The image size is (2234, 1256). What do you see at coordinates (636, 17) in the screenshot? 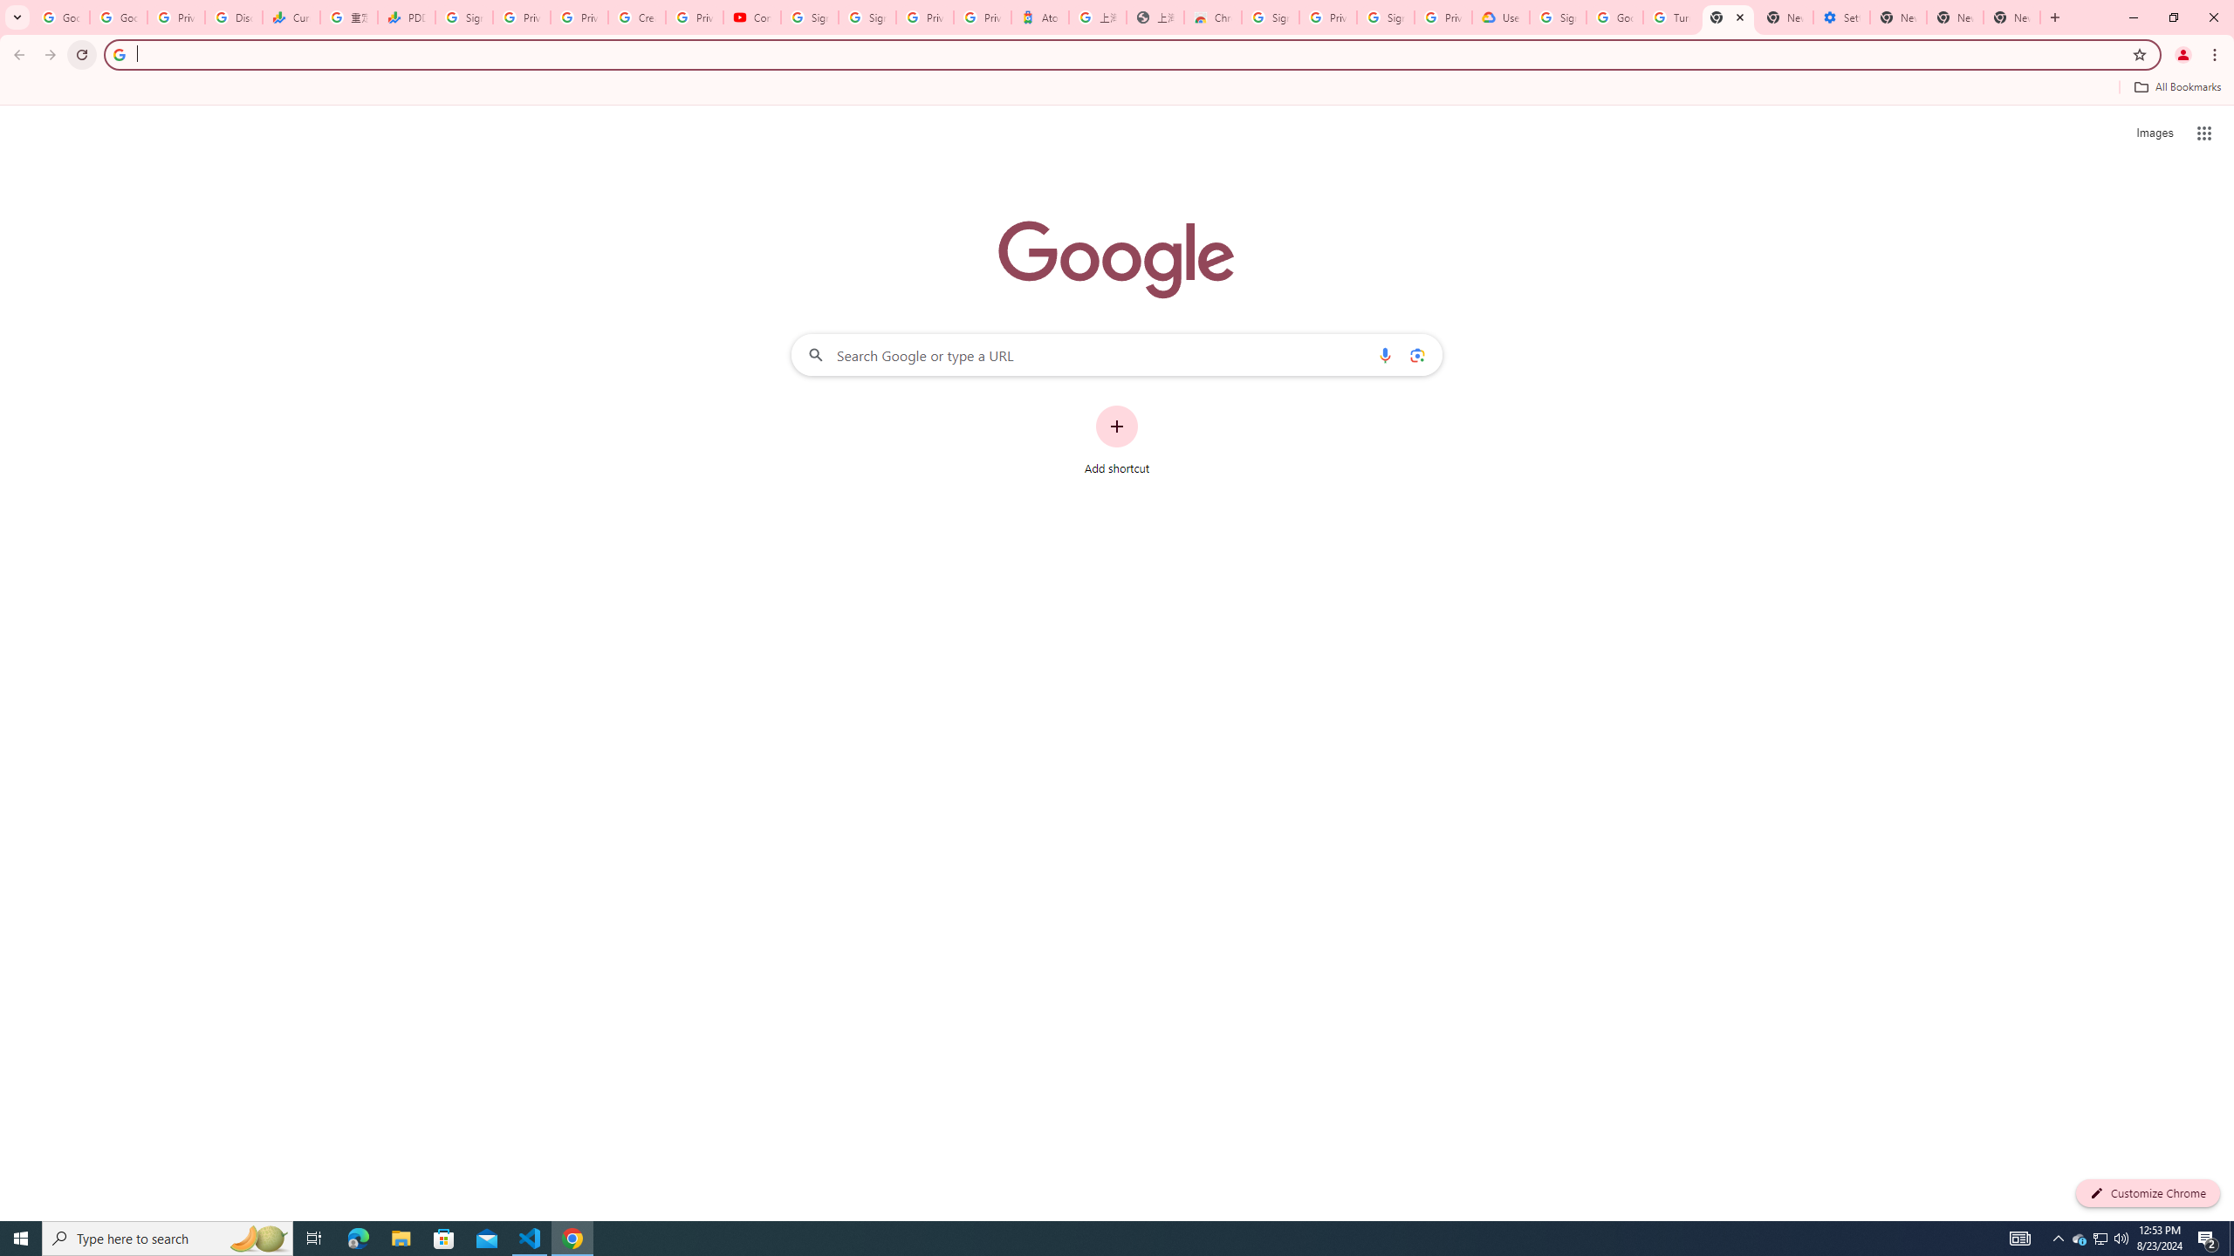
I see `'Create your Google Account'` at bounding box center [636, 17].